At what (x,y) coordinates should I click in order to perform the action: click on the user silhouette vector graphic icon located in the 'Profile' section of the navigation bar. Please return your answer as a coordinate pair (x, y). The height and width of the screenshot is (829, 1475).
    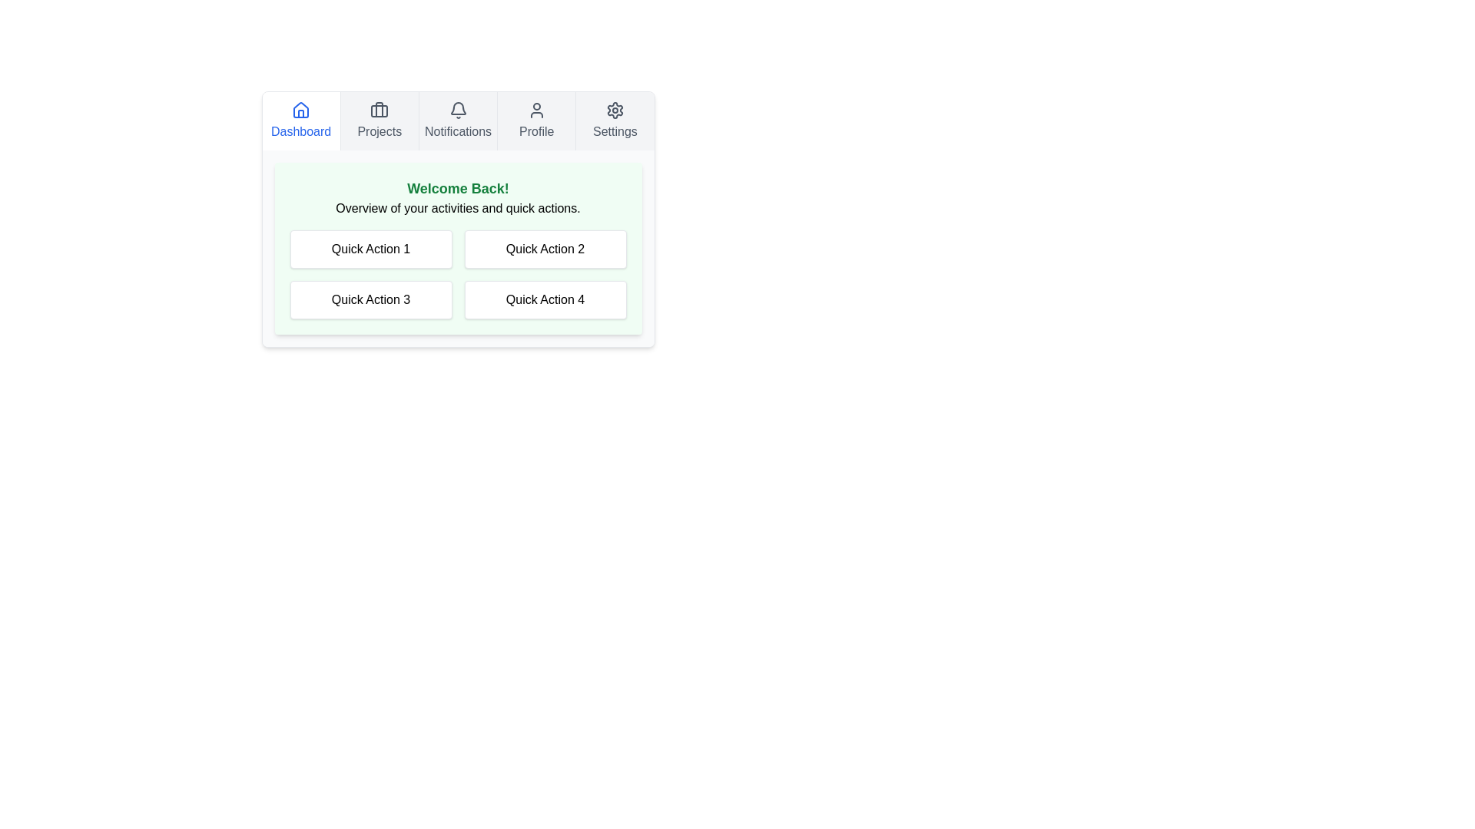
    Looking at the image, I should click on (536, 109).